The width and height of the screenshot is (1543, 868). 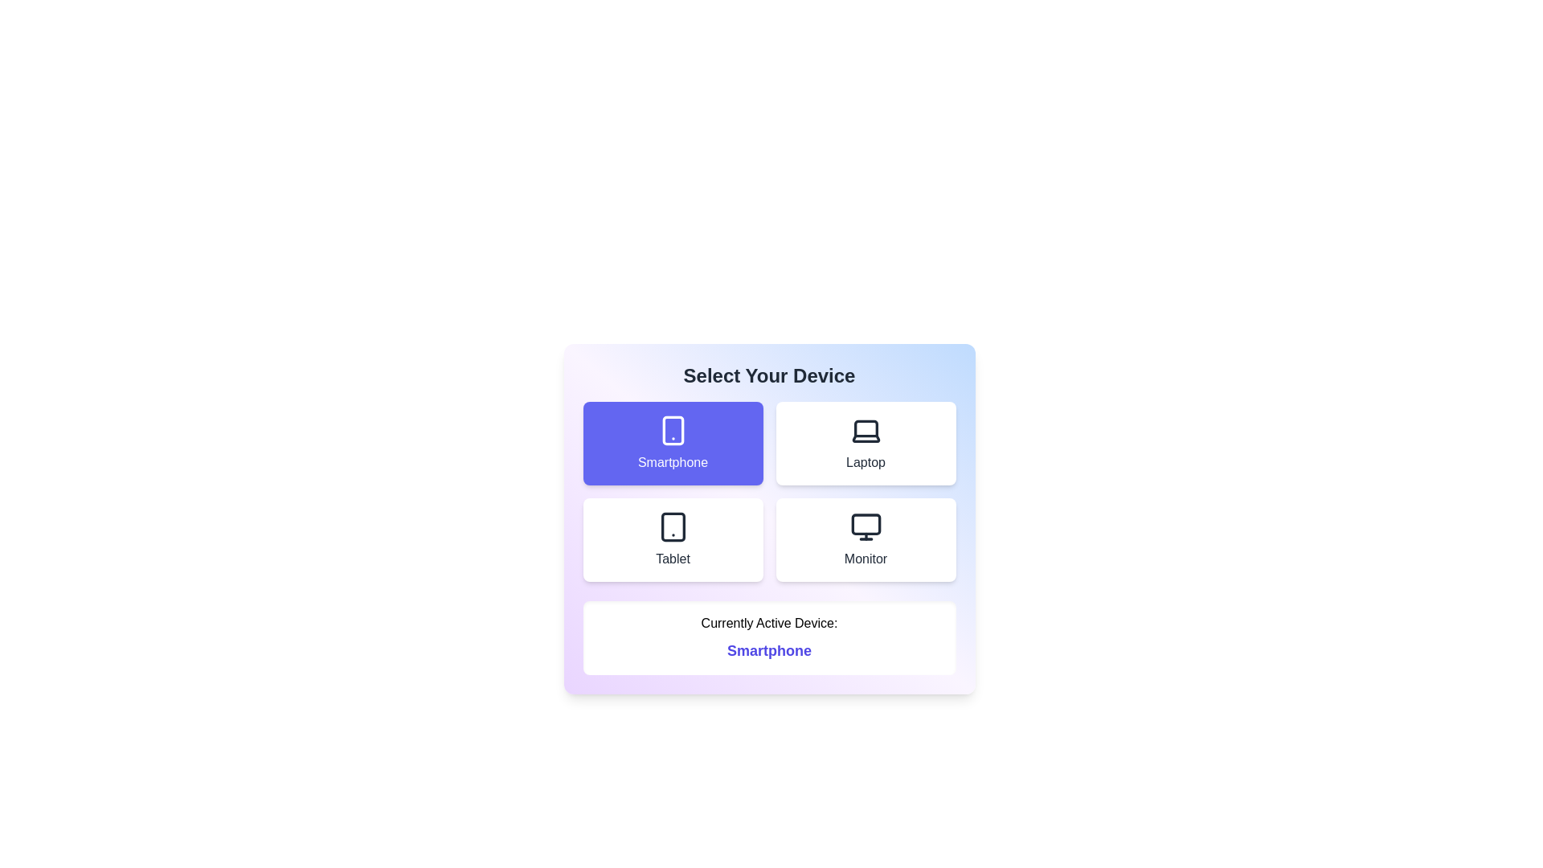 I want to click on the device option labeled Monitor to observe its hover effect, so click(x=865, y=539).